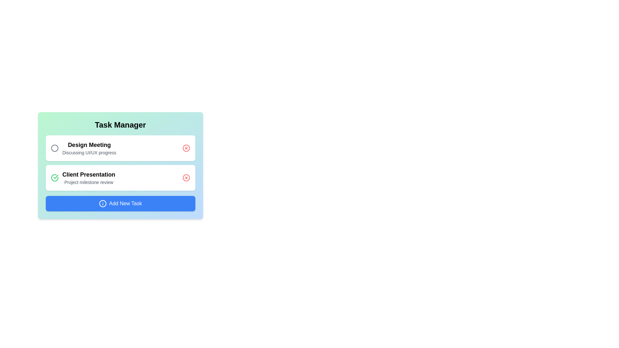 The width and height of the screenshot is (619, 348). What do you see at coordinates (89, 145) in the screenshot?
I see `the task labeled 'Design Meeting' to inspect its details` at bounding box center [89, 145].